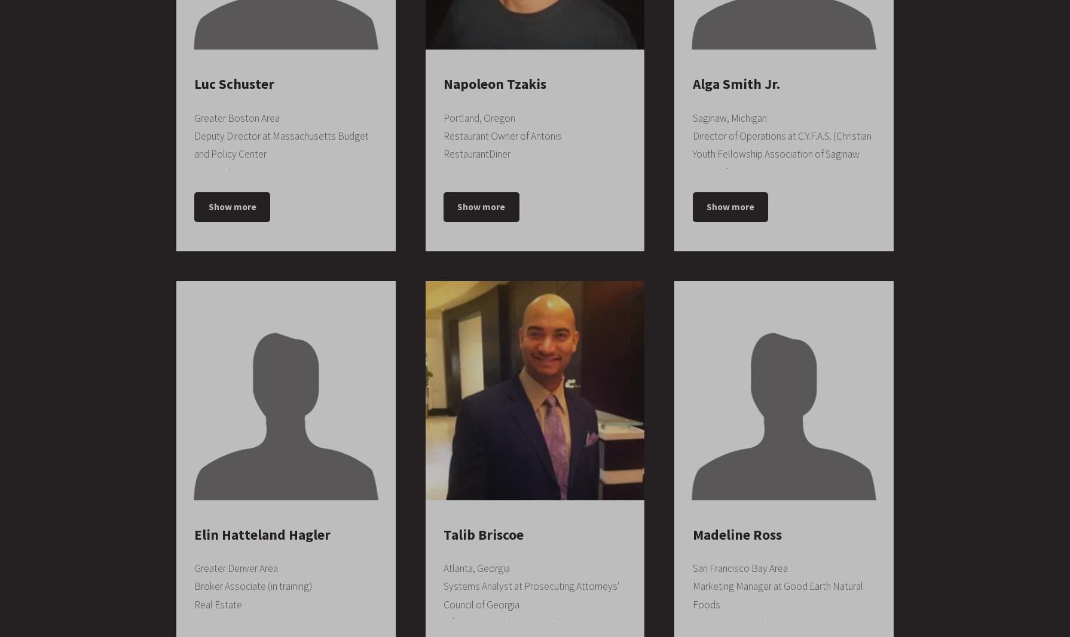 This screenshot has width=1070, height=637. Describe the element at coordinates (490, 273) in the screenshot. I see `'University of Wisconsin Milwaukee'` at that location.